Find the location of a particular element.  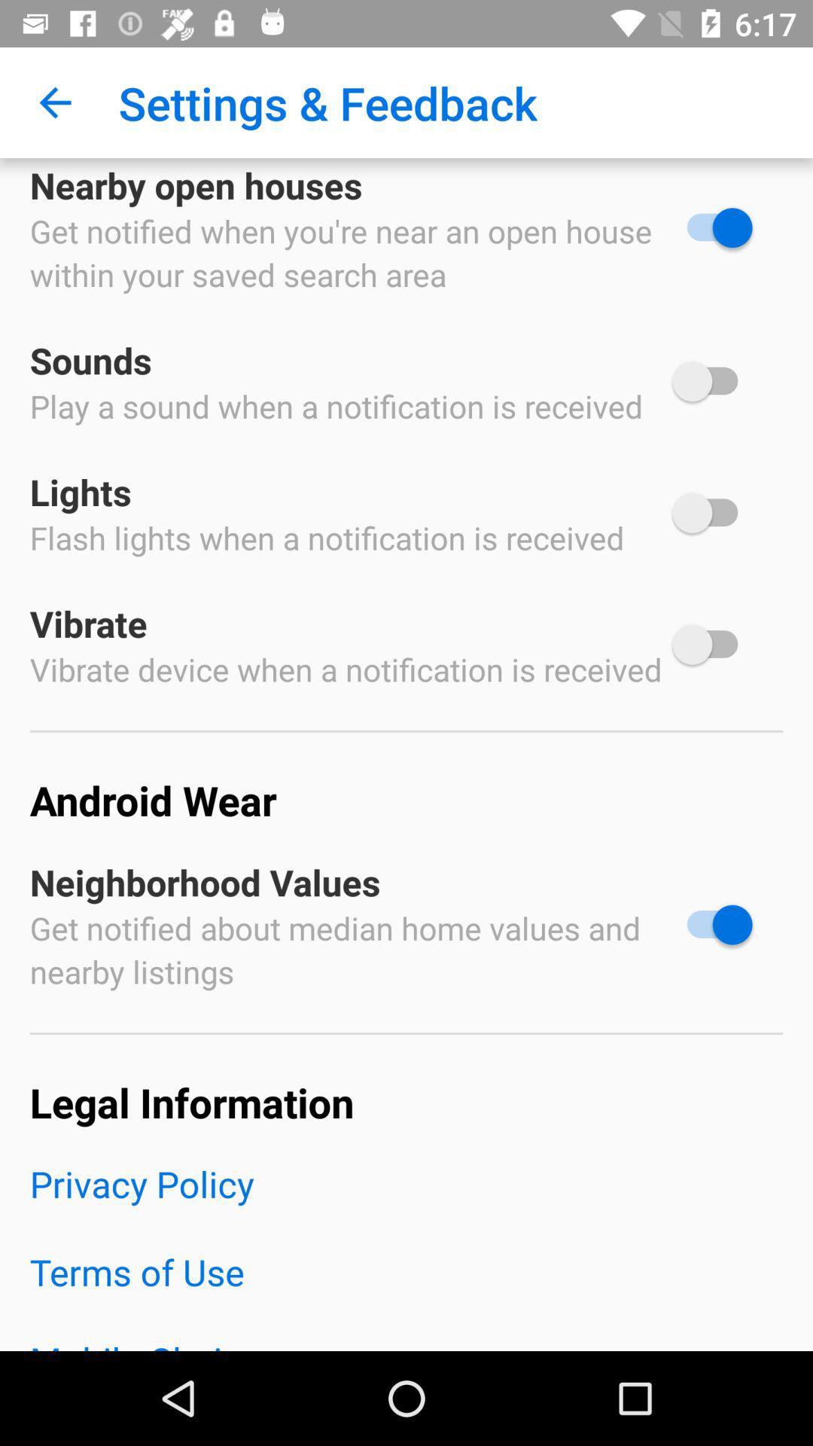

the terms of use is located at coordinates (406, 1291).